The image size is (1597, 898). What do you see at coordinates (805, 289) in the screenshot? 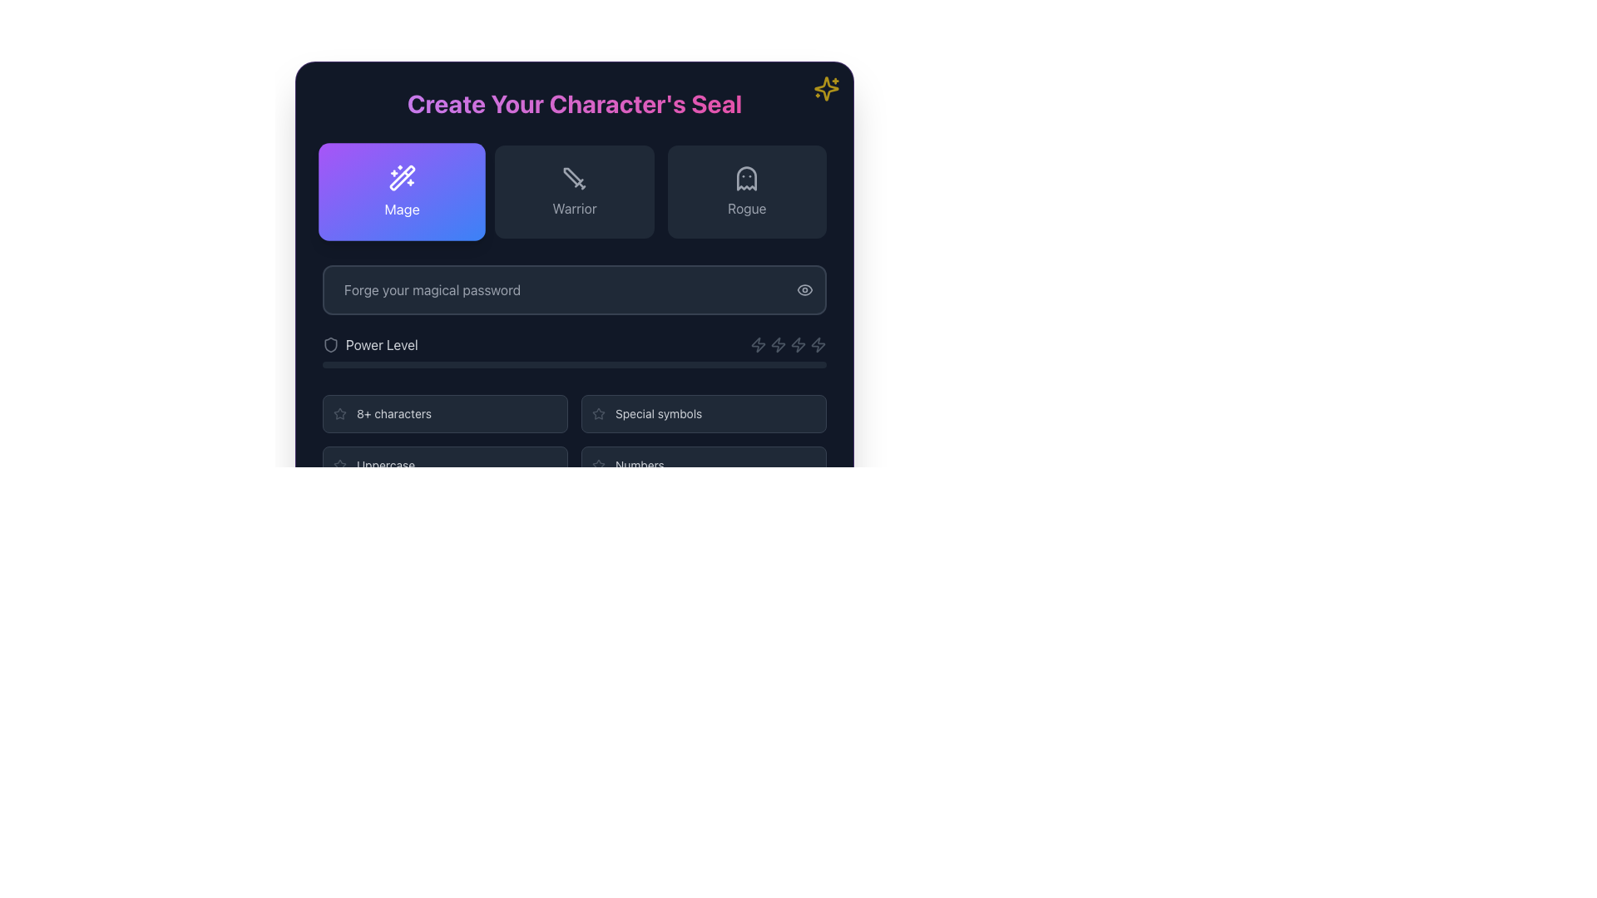
I see `the visibility toggle button for the password input field labeled 'Forge your magical password' to change its color` at bounding box center [805, 289].